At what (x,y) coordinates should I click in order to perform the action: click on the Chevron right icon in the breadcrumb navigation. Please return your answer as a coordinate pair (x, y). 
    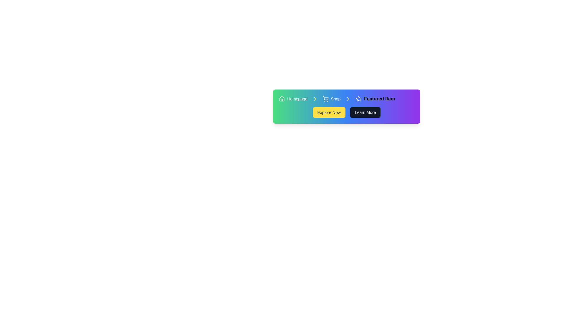
    Looking at the image, I should click on (348, 98).